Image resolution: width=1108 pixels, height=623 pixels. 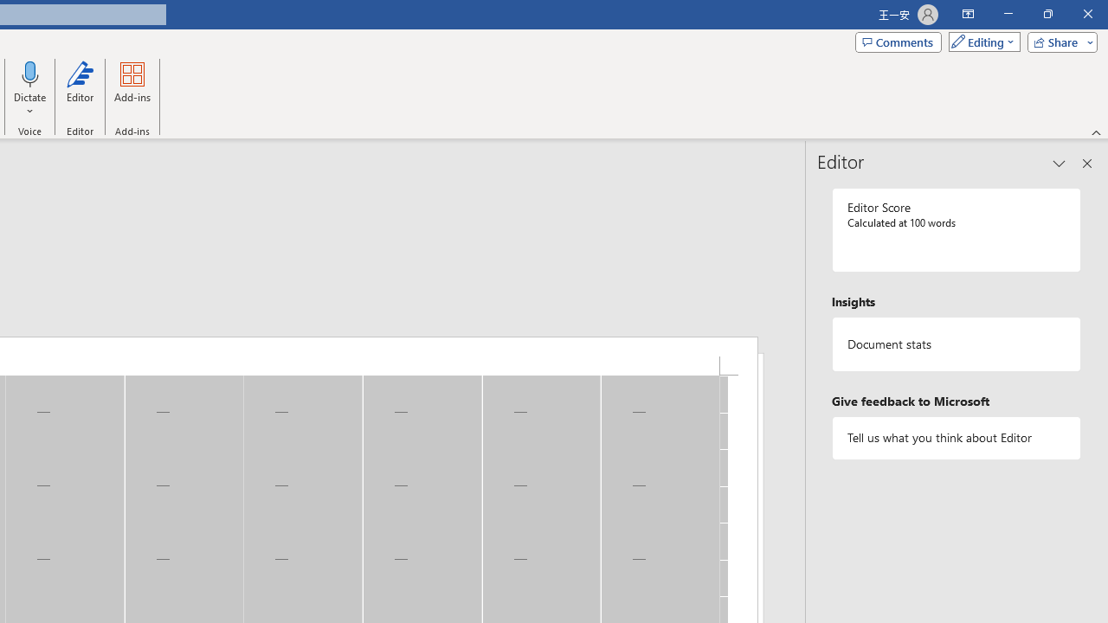 I want to click on 'Share', so click(x=1058, y=41).